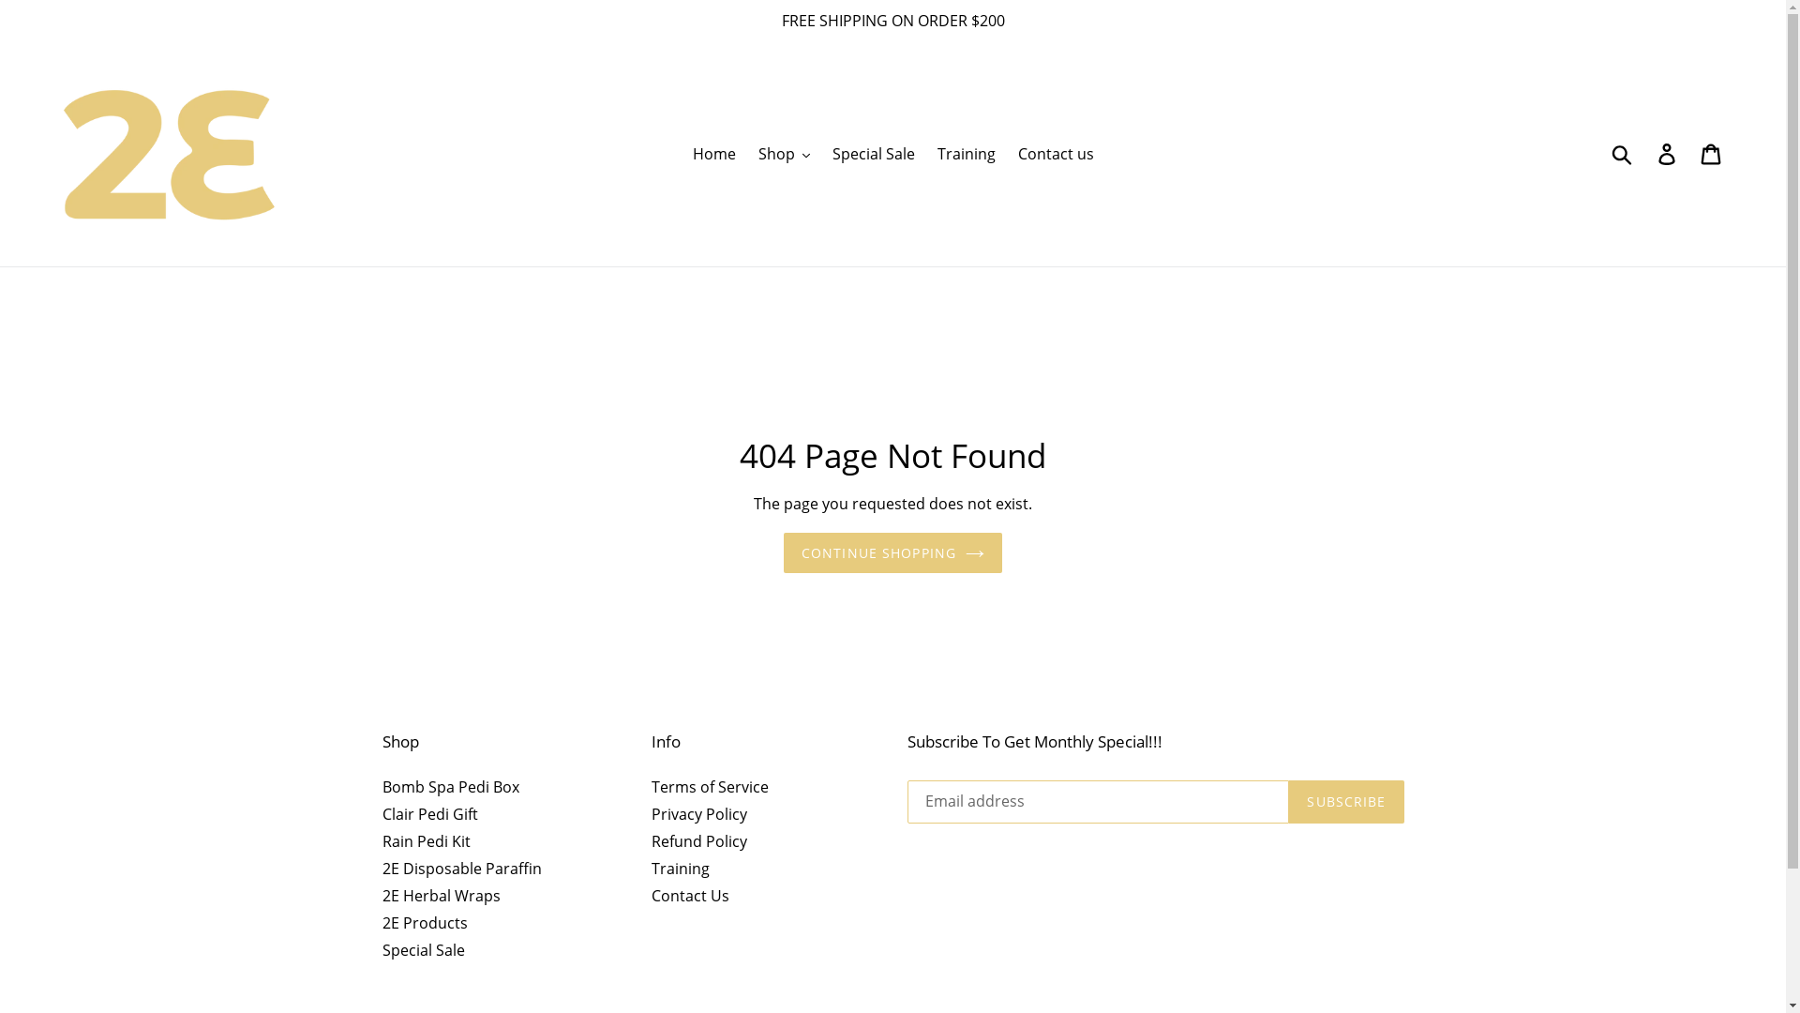  Describe the element at coordinates (1622, 153) in the screenshot. I see `'Submit'` at that location.